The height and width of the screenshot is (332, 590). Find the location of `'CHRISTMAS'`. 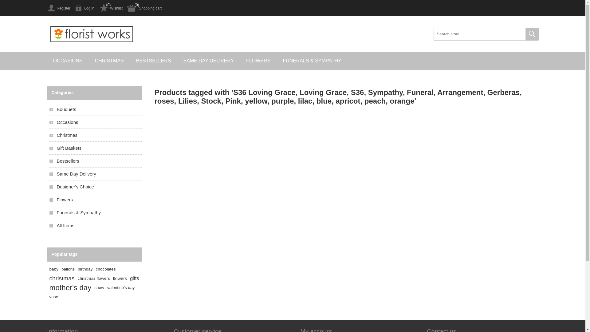

'CHRISTMAS' is located at coordinates (109, 61).